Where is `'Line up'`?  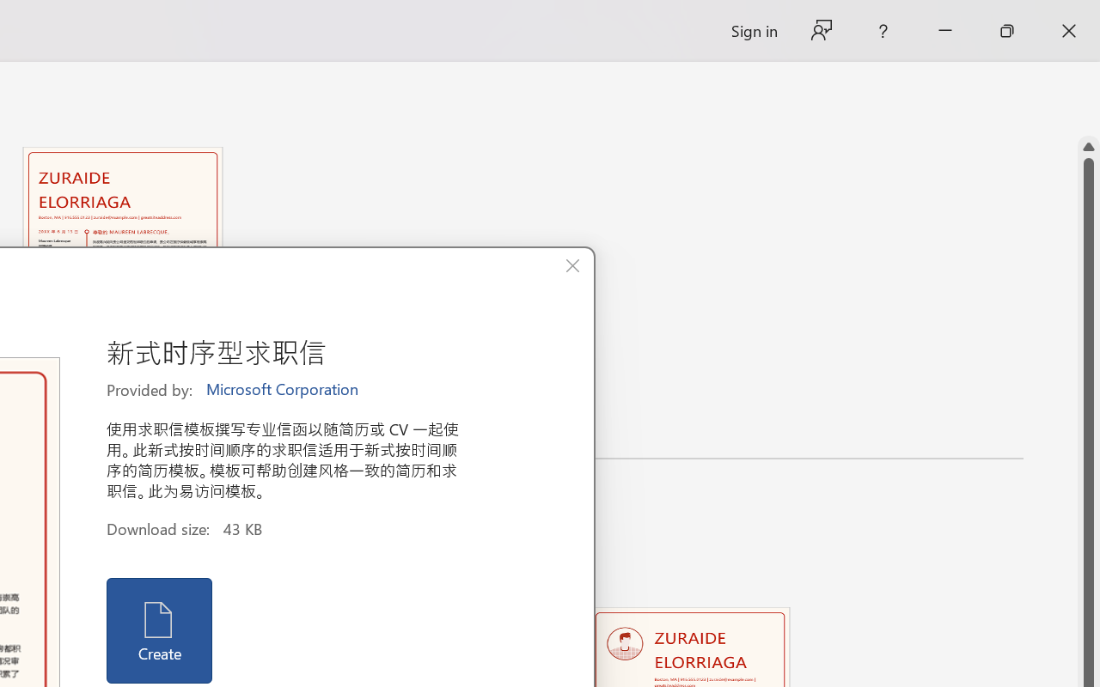
'Line up' is located at coordinates (1088, 146).